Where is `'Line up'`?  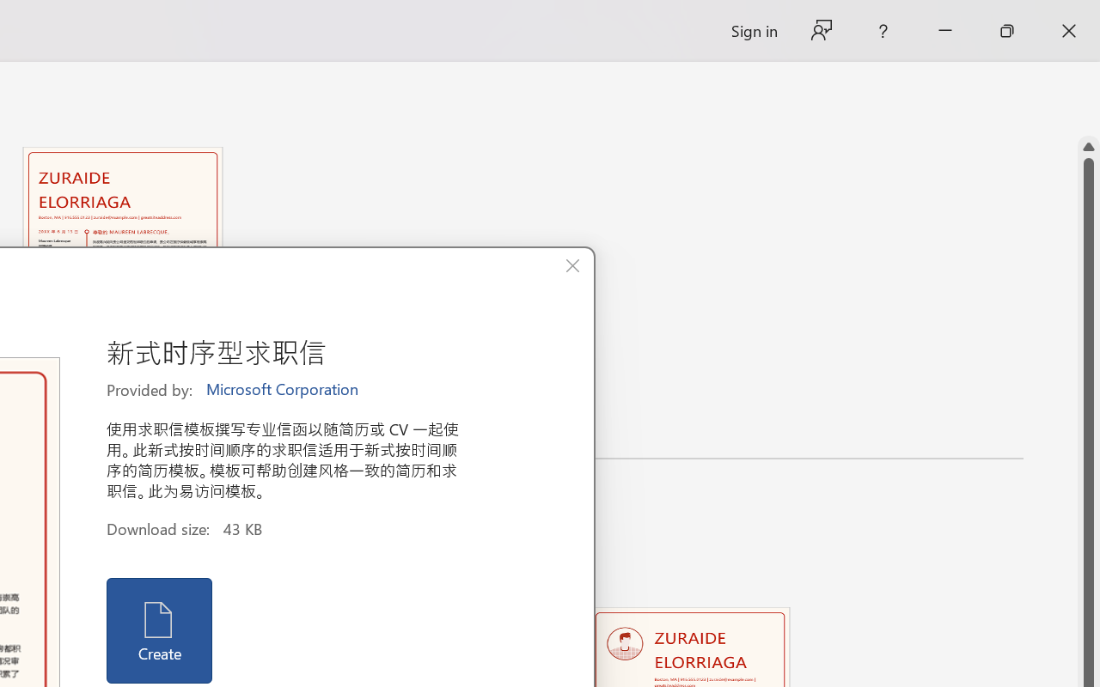
'Line up' is located at coordinates (1088, 146).